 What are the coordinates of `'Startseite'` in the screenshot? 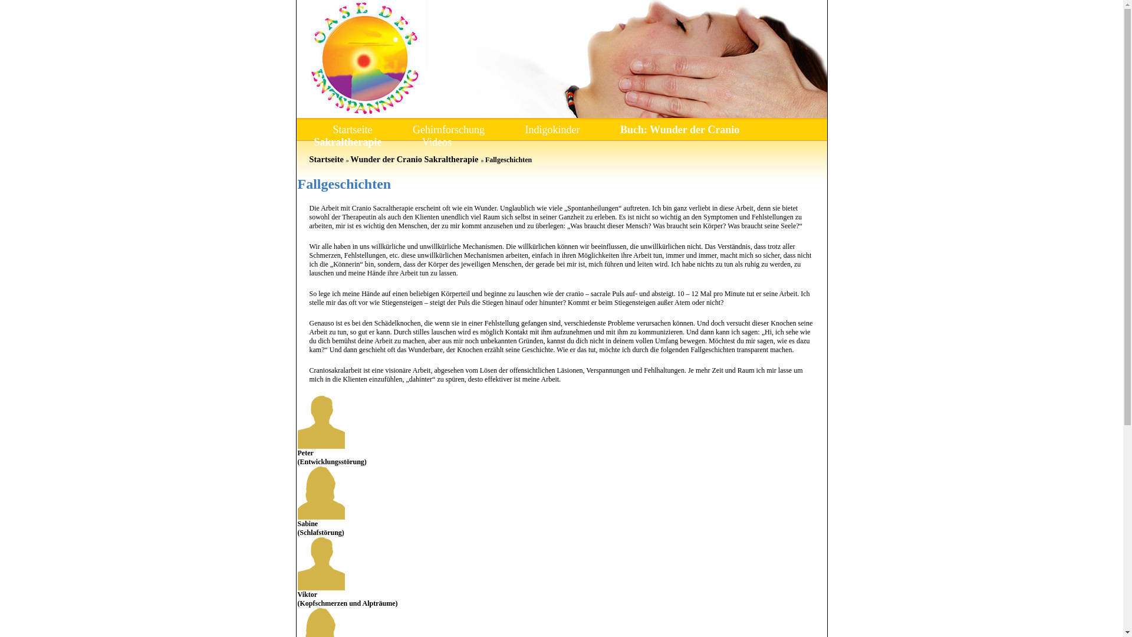 It's located at (325, 159).